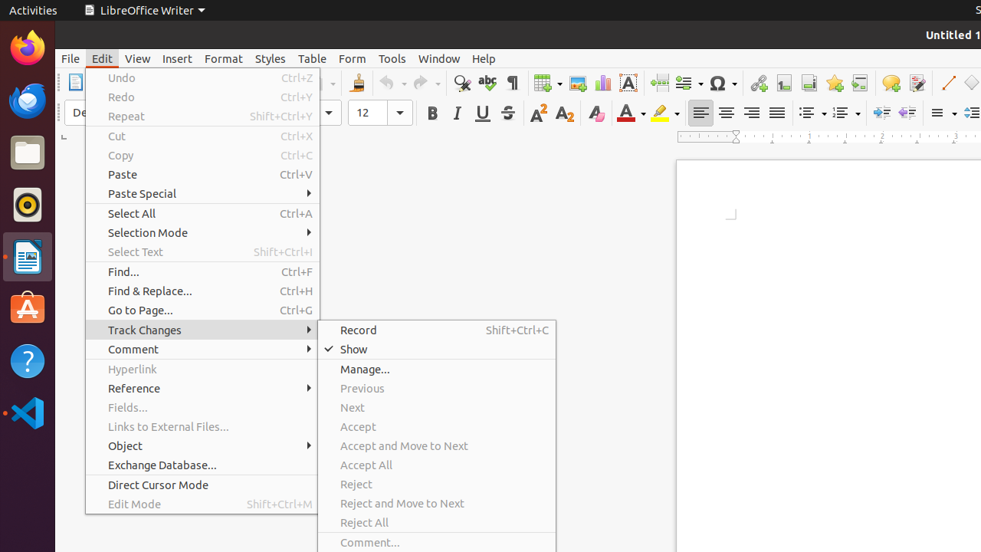  What do you see at coordinates (27, 412) in the screenshot?
I see `'Visual Studio Code'` at bounding box center [27, 412].